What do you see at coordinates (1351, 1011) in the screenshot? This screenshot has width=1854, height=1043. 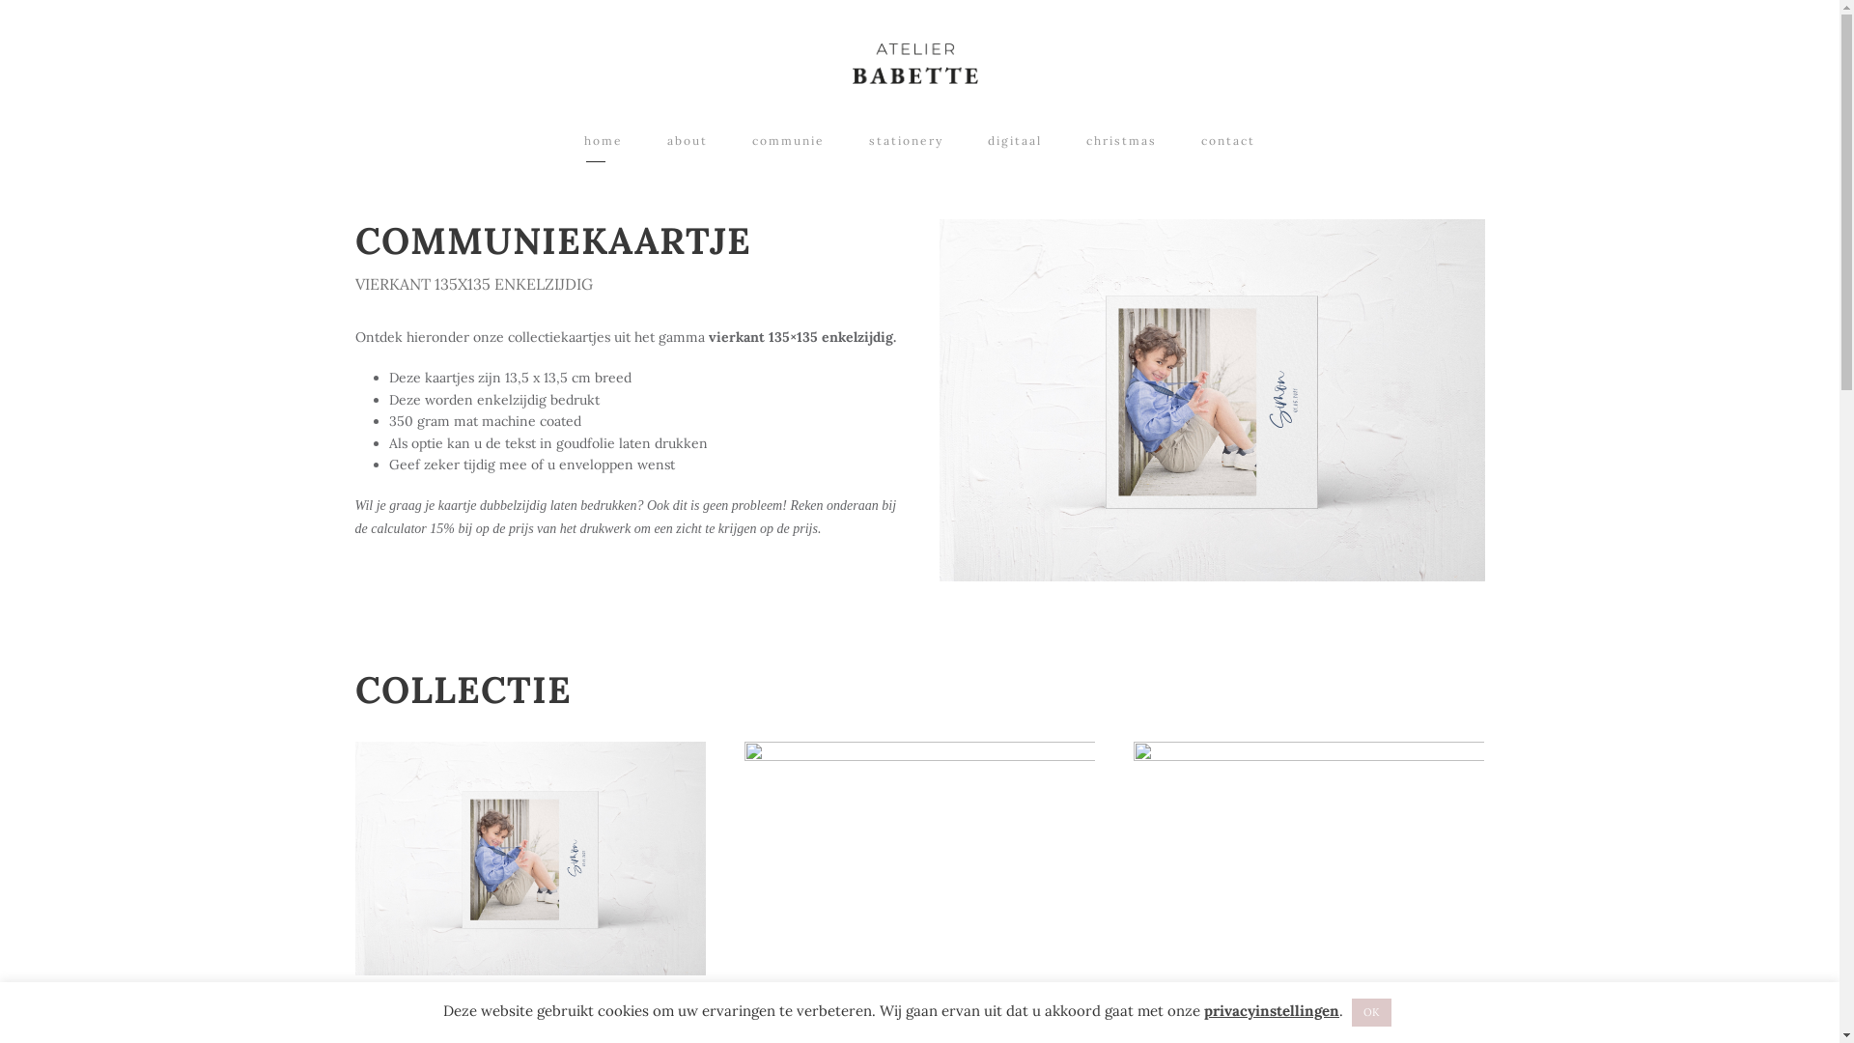 I see `'OK'` at bounding box center [1351, 1011].